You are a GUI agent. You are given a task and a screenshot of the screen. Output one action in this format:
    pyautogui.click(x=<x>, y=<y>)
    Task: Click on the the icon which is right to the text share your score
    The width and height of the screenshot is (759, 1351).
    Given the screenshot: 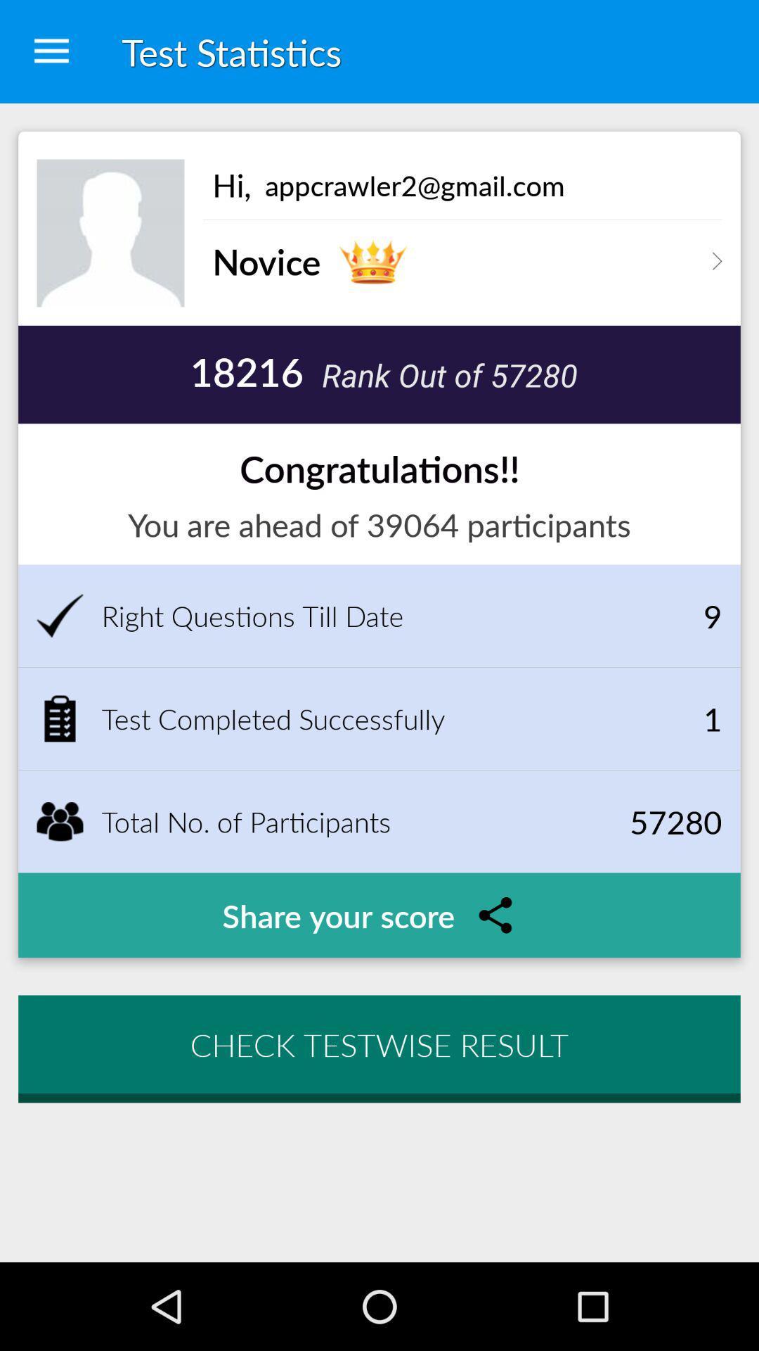 What is the action you would take?
    pyautogui.click(x=495, y=915)
    